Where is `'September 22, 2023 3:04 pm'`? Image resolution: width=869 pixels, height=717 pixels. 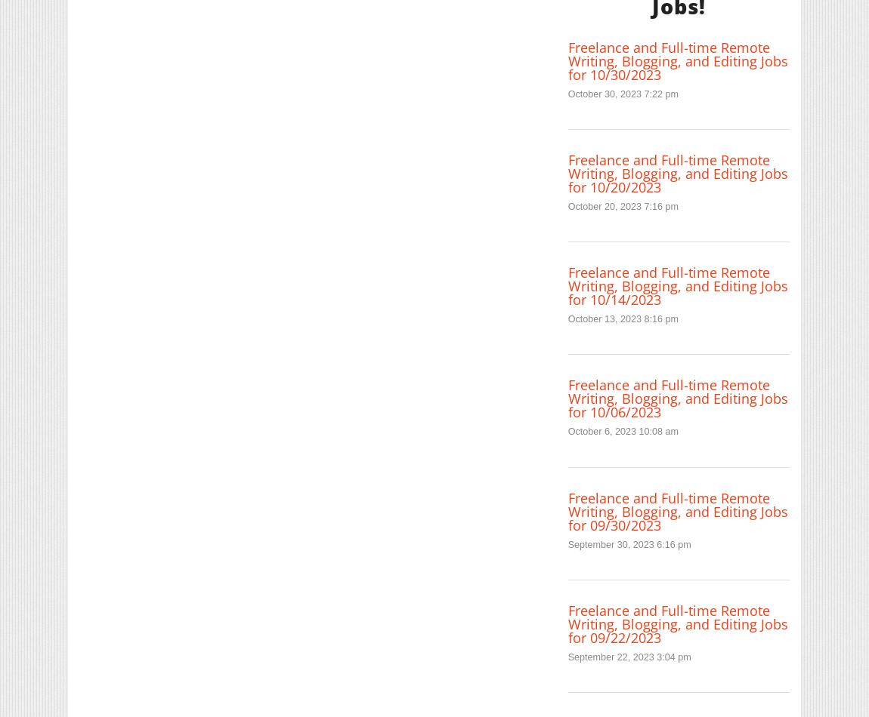 'September 22, 2023 3:04 pm' is located at coordinates (628, 656).